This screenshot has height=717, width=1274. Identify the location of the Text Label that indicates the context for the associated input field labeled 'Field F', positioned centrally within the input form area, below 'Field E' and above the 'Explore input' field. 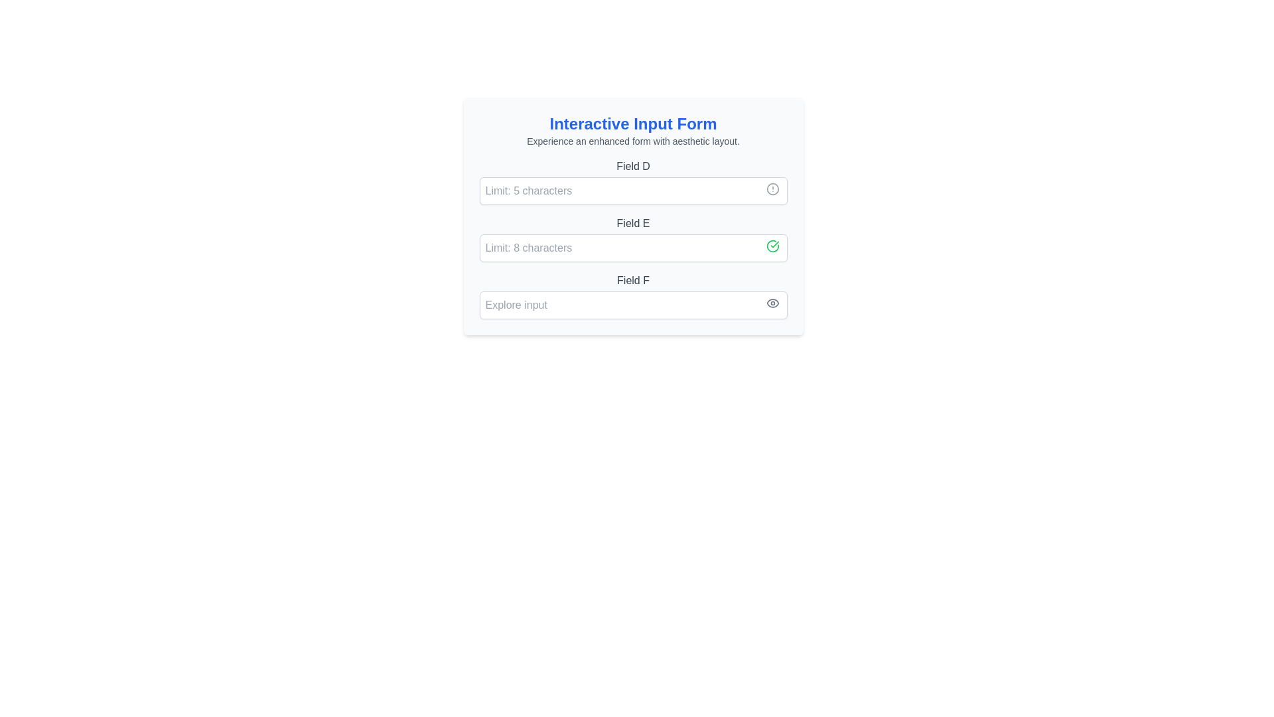
(632, 280).